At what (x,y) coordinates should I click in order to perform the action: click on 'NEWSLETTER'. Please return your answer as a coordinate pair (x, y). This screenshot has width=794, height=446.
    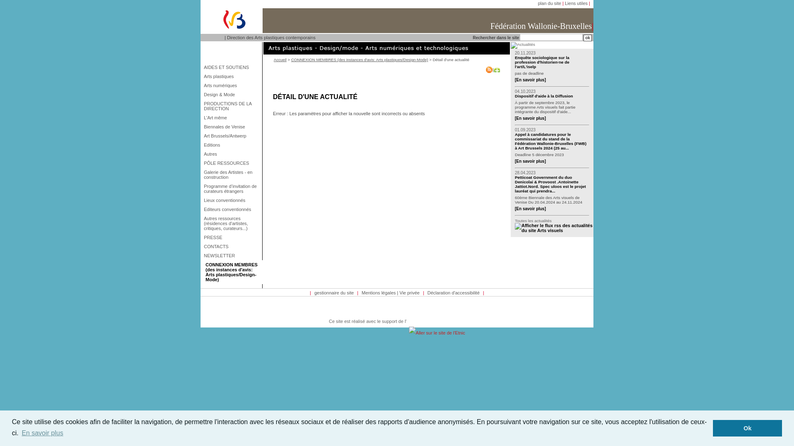
    Looking at the image, I should click on (232, 255).